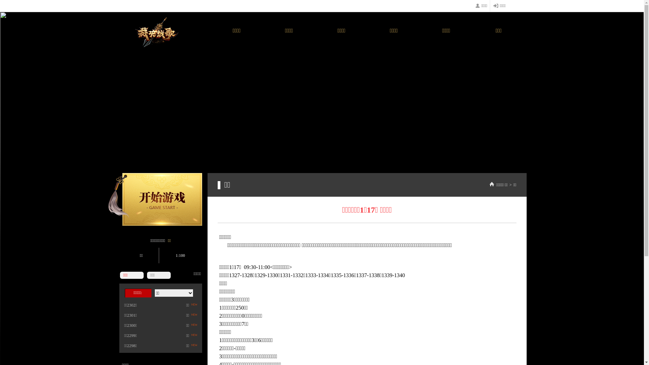 The width and height of the screenshot is (649, 365). What do you see at coordinates (159, 255) in the screenshot?
I see `'1:100'` at bounding box center [159, 255].